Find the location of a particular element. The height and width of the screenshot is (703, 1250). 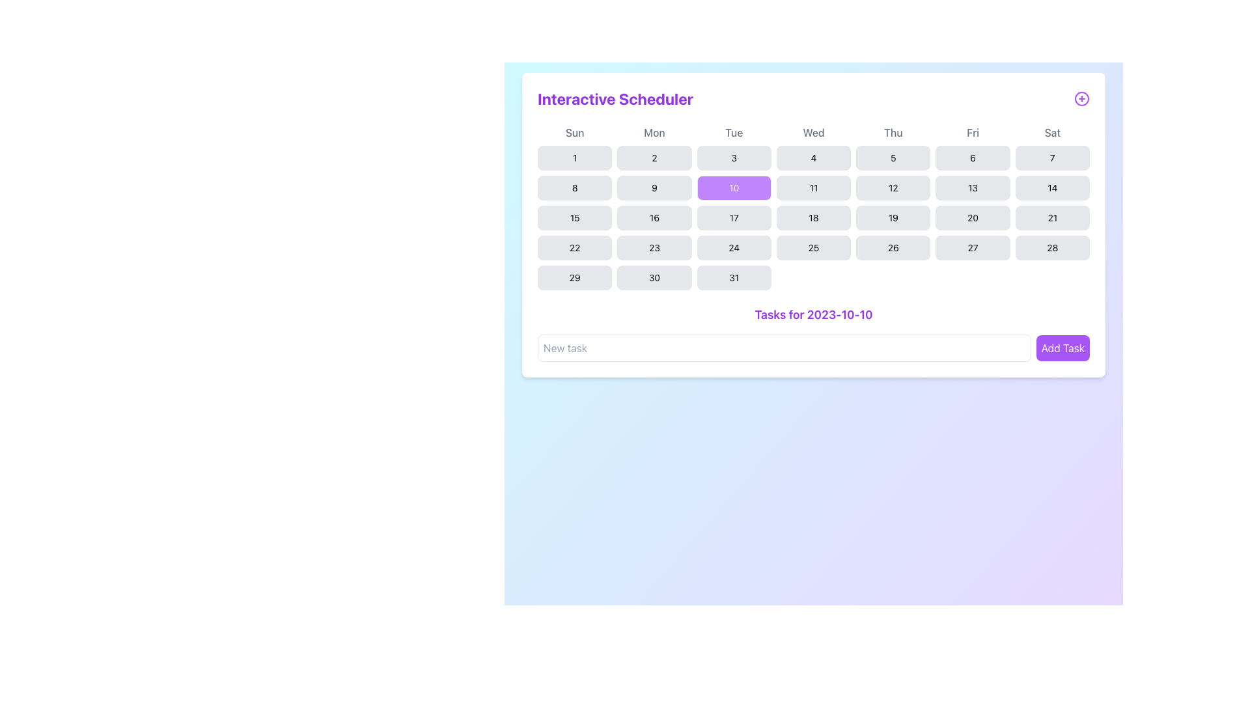

the button representing the 3rd day in the calendar interface under the 'Tue' column is located at coordinates (734, 158).